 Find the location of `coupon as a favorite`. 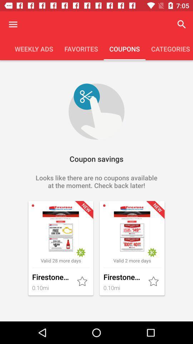

coupon as a favorite is located at coordinates (154, 282).